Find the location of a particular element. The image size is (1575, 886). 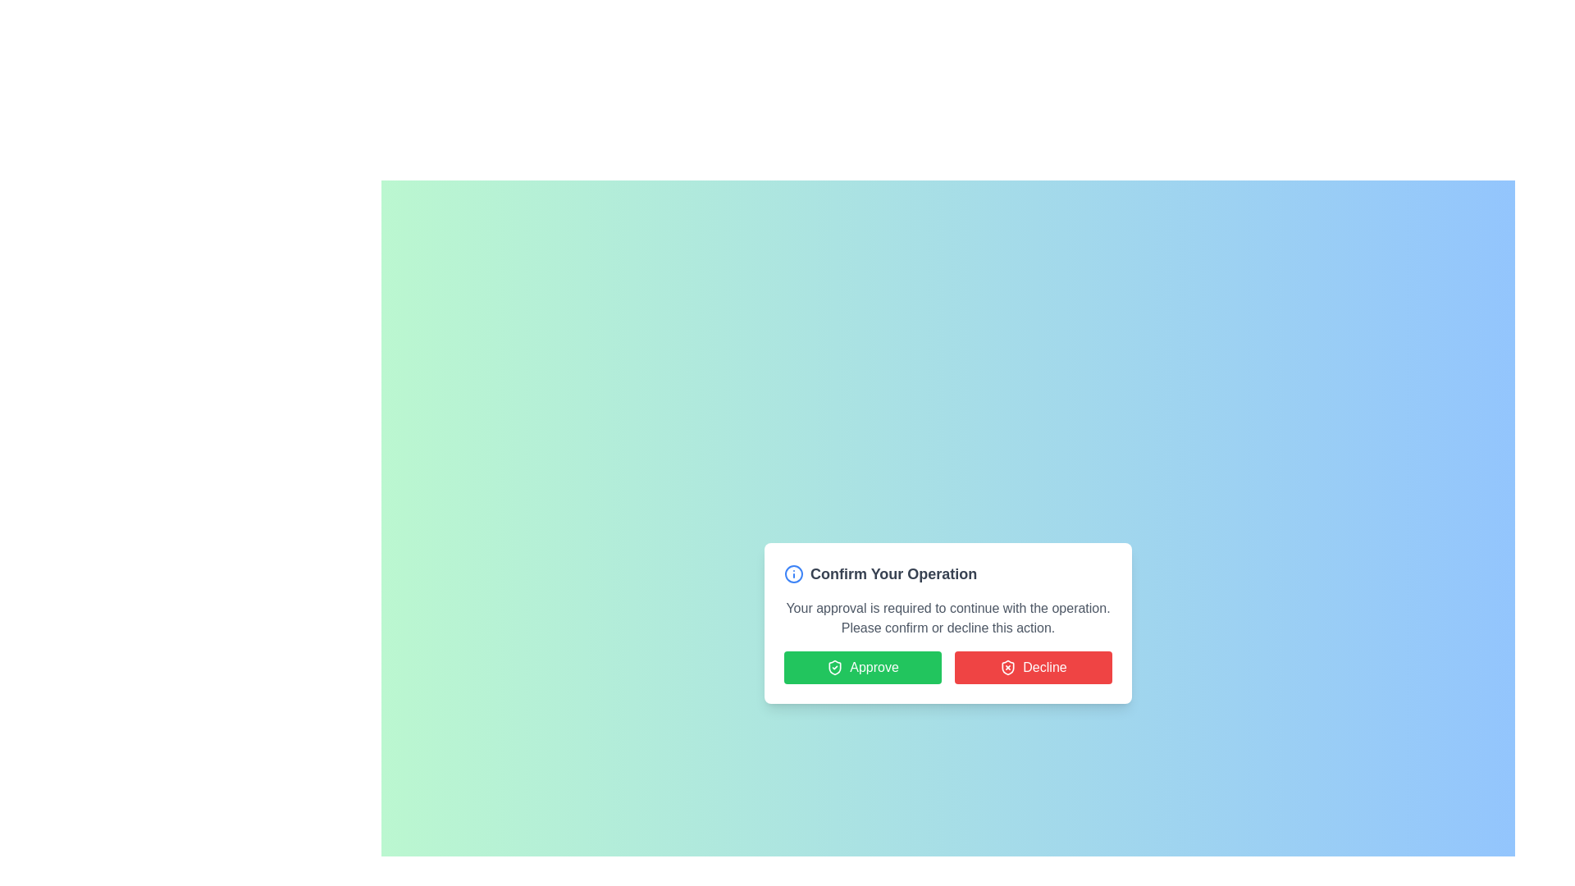

the visual representation of the graphic/icon element that symbolizes acceptance or approval, located within the green 'Approve' button in the bottom-left section of the dialog box is located at coordinates (835, 667).